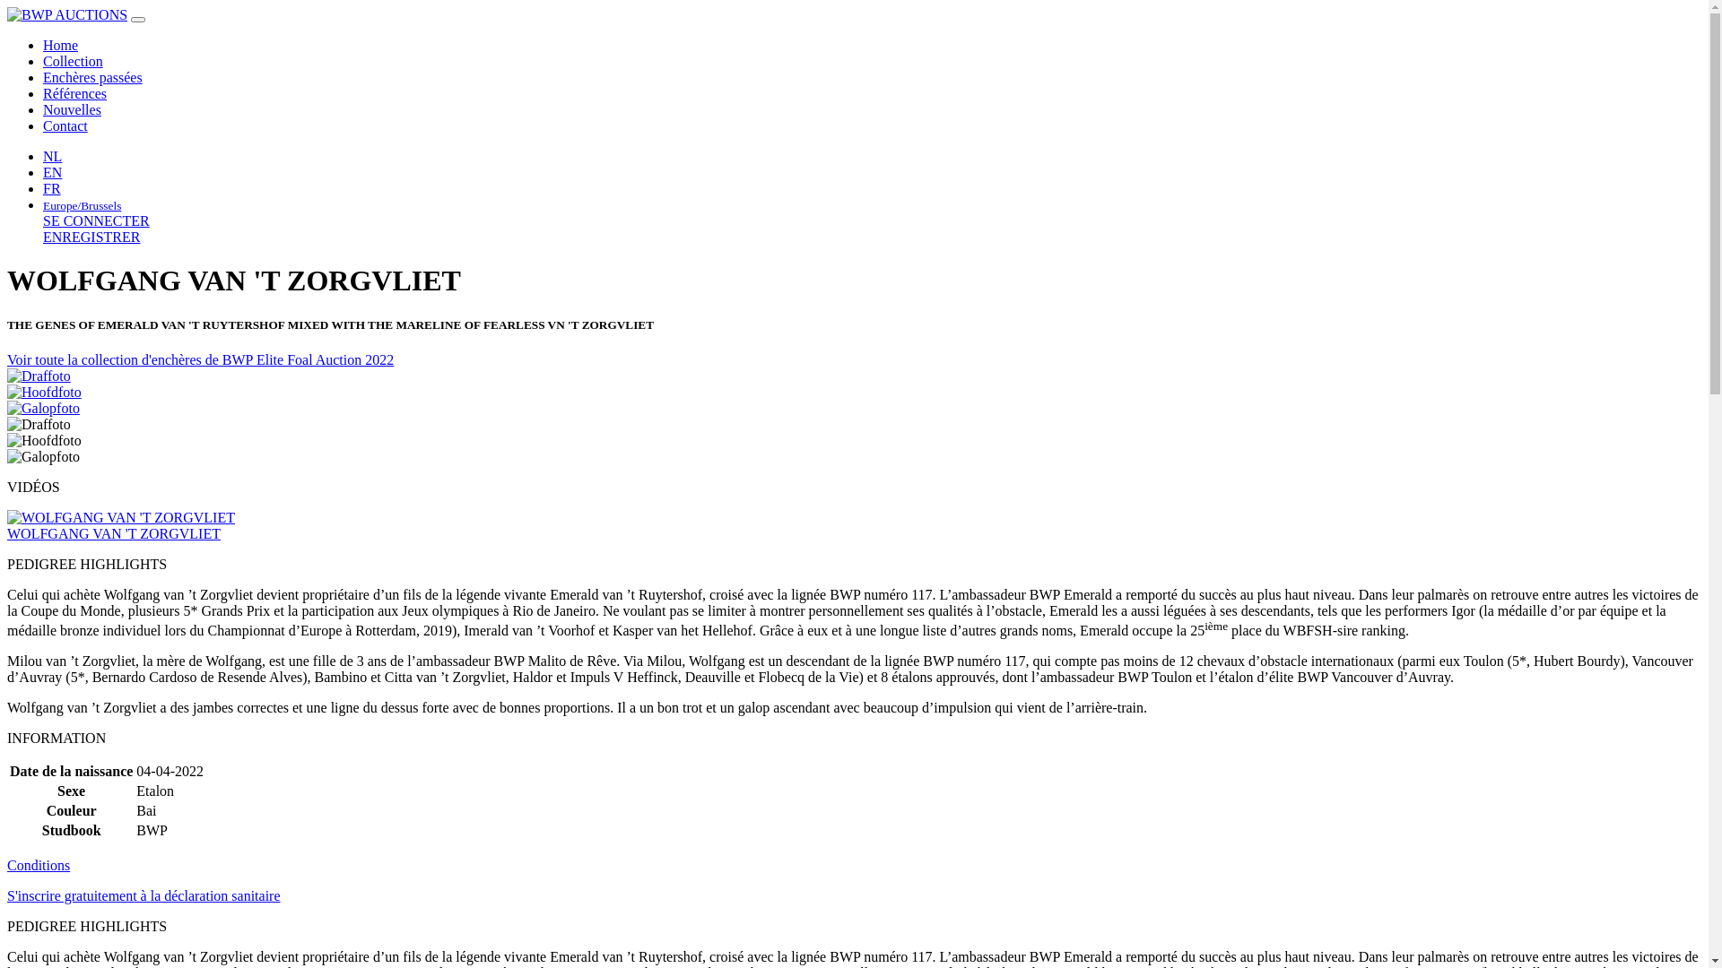 The width and height of the screenshot is (1722, 968). What do you see at coordinates (7, 524) in the screenshot?
I see `'WOLFGANG VAN 'T ZORGVLIET'` at bounding box center [7, 524].